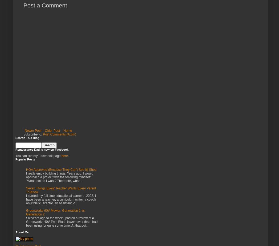  I want to click on 'Post Comments (Atom)', so click(43, 134).